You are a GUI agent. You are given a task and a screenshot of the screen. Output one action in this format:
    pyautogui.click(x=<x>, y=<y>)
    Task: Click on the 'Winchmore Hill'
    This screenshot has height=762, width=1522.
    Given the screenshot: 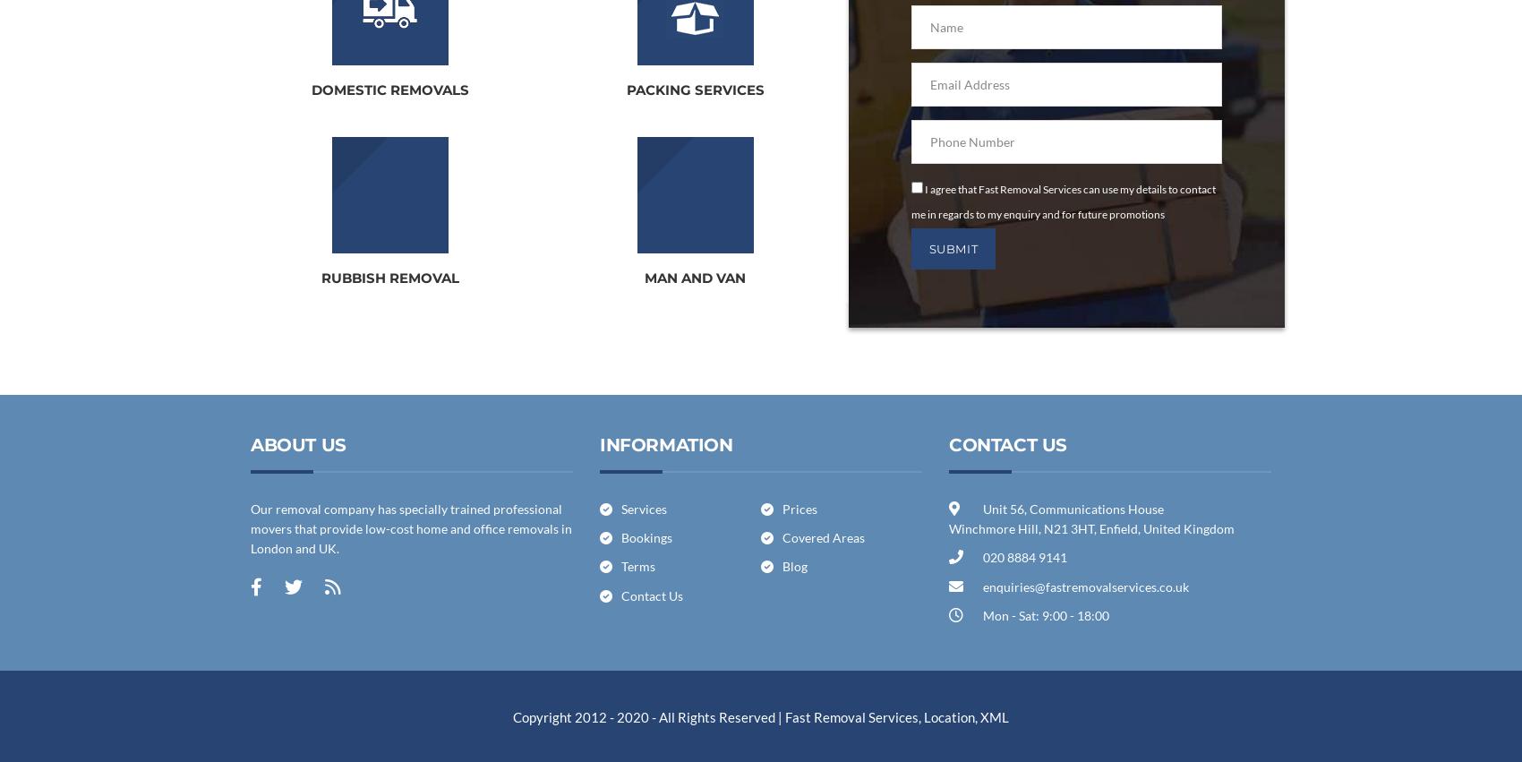 What is the action you would take?
    pyautogui.click(x=993, y=527)
    